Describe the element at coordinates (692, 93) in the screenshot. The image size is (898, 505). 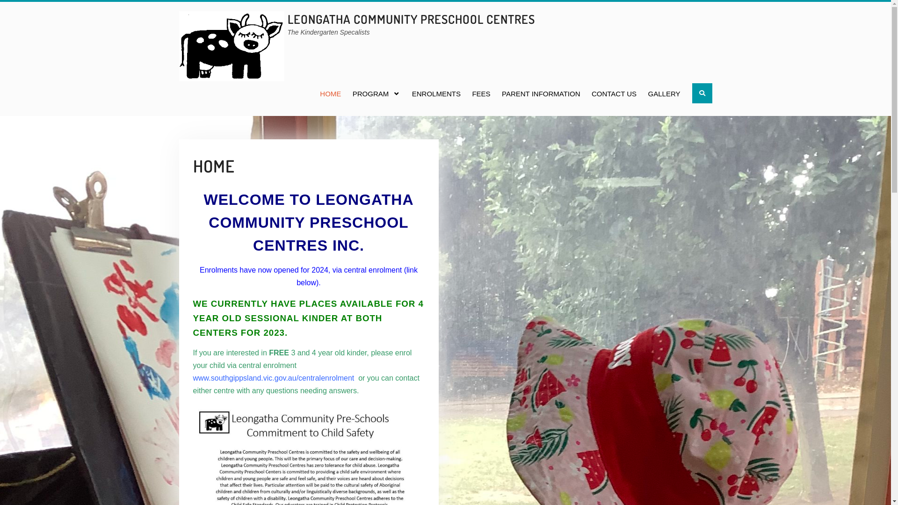
I see `'Search'` at that location.